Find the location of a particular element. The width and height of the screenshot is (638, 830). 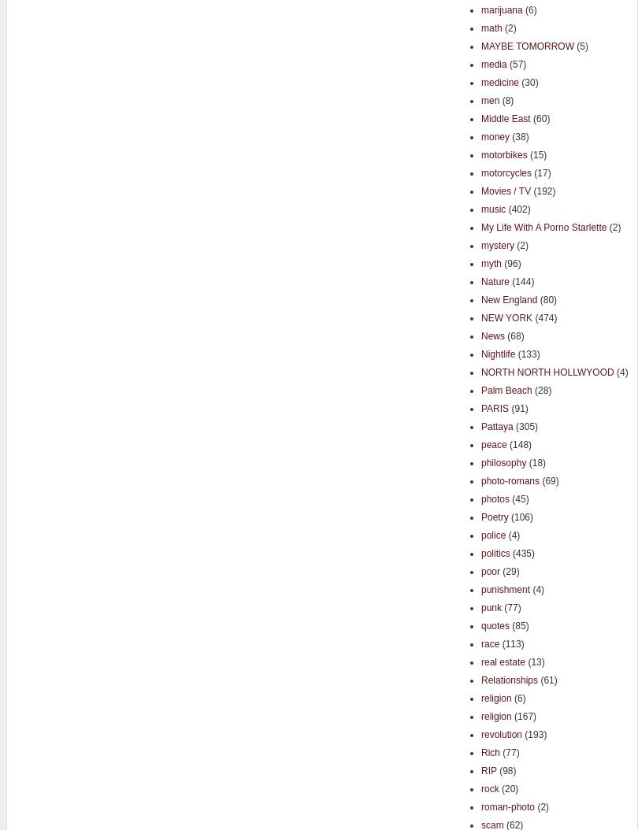

'(144)' is located at coordinates (509, 280).